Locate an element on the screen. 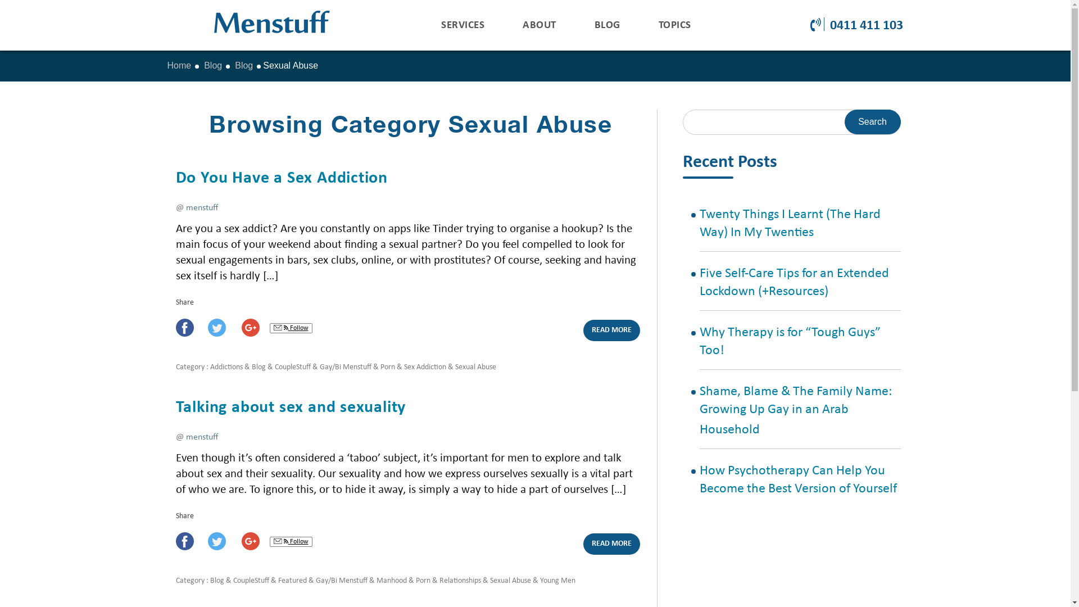 This screenshot has width=1079, height=607. 'ABOUT' is located at coordinates (539, 25).